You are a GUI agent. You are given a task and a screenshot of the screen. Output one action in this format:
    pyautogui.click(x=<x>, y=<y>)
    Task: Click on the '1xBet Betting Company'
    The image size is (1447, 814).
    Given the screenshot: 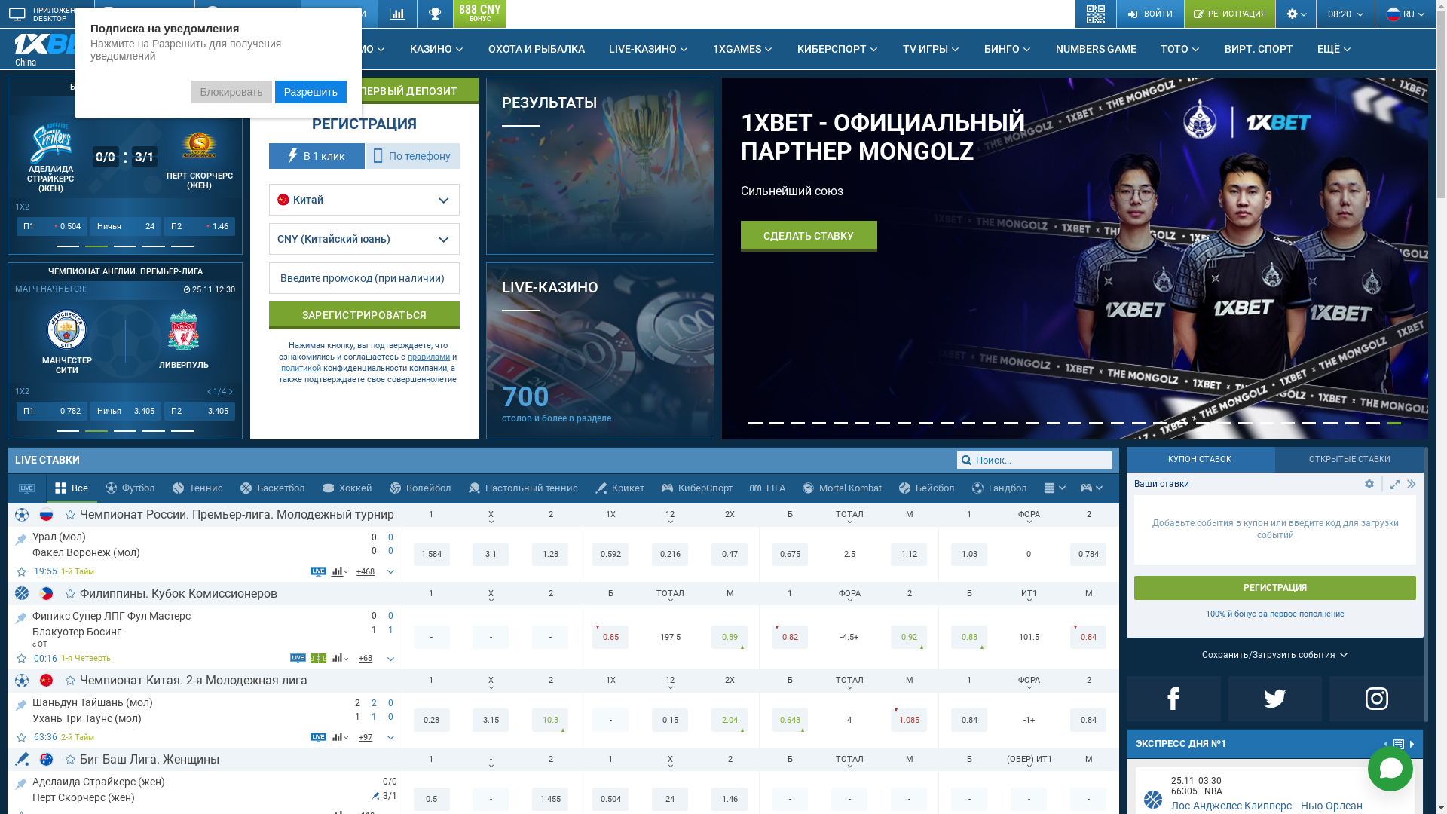 What is the action you would take?
    pyautogui.click(x=14, y=42)
    